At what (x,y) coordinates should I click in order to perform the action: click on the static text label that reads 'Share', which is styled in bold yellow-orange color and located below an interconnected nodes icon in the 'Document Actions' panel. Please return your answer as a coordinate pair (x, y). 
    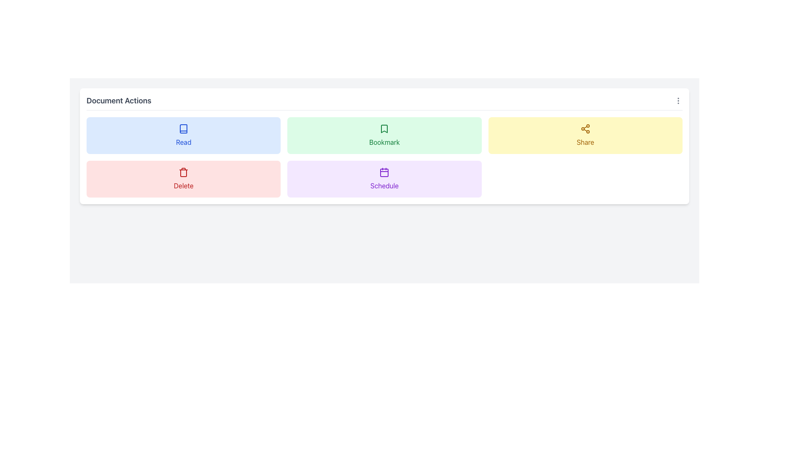
    Looking at the image, I should click on (585, 141).